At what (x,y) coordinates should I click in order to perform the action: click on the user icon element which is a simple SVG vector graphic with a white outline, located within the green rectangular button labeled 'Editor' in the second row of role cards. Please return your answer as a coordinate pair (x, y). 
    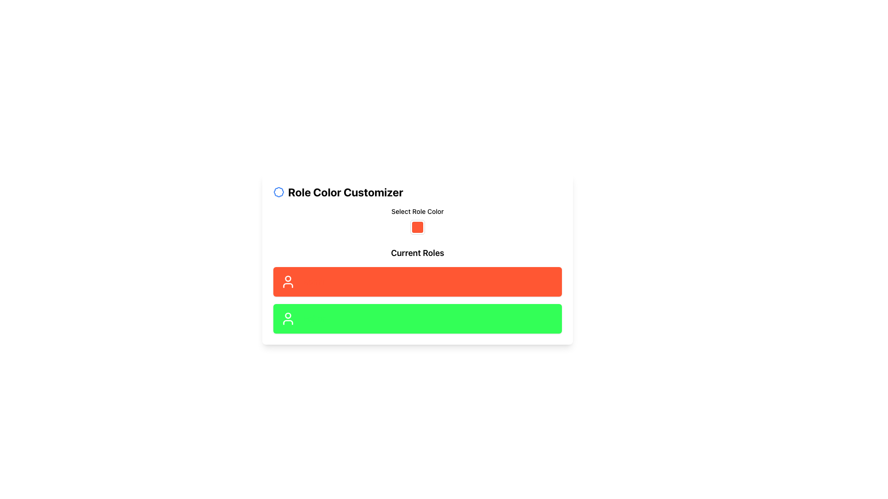
    Looking at the image, I should click on (288, 318).